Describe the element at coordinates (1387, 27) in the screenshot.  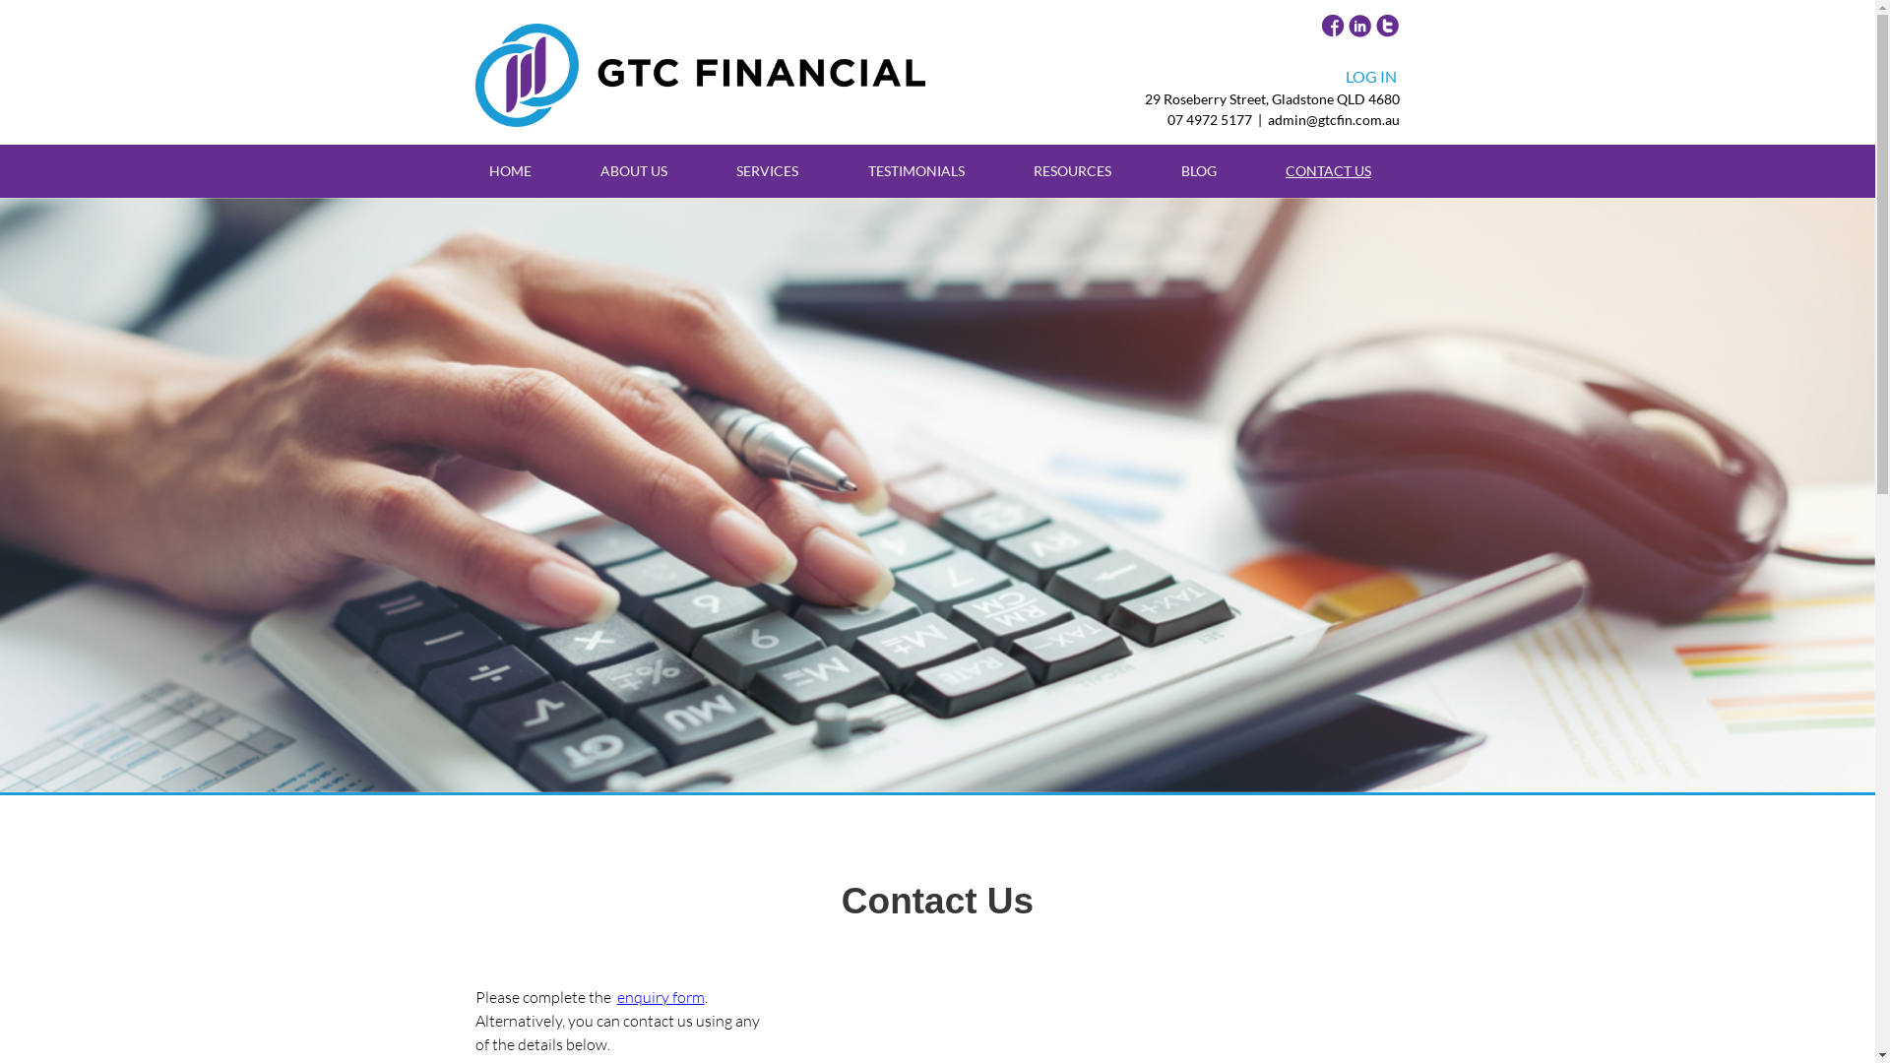
I see `'GTC Twitter Page'` at that location.